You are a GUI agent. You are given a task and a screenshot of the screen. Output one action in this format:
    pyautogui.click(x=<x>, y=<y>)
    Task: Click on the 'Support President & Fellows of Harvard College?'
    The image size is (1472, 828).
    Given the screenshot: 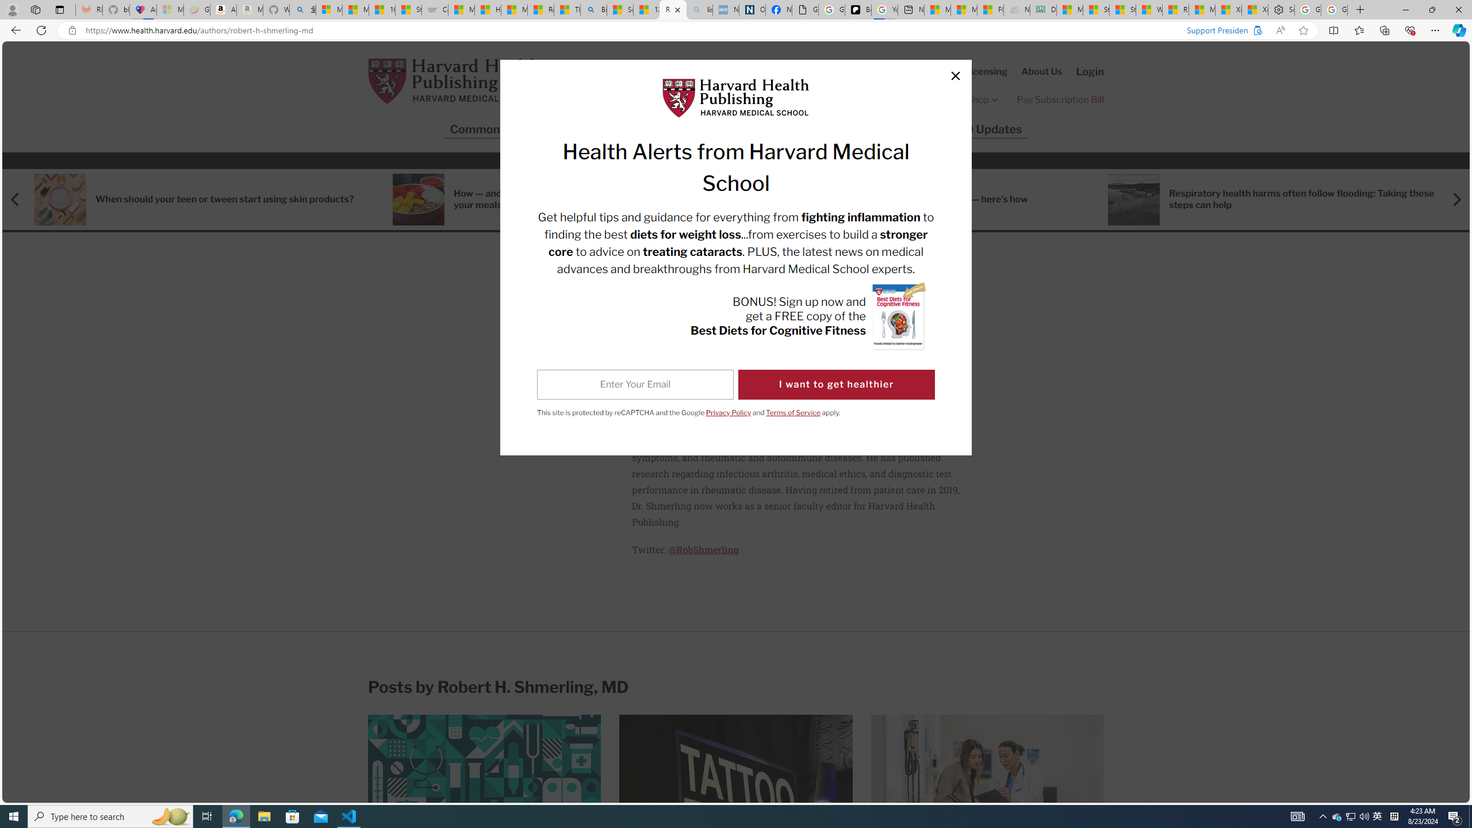 What is the action you would take?
    pyautogui.click(x=1249, y=30)
    